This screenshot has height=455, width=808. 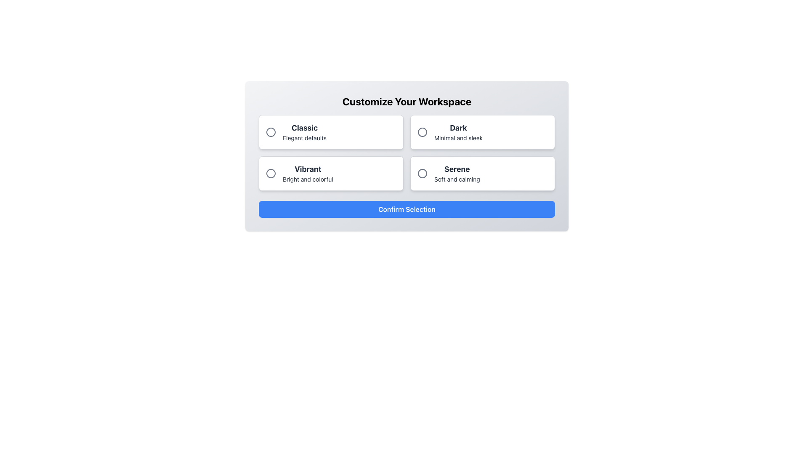 I want to click on the radio button for the 'Dark' workspace option, which is the circle on the left side of the 'Dark' workspace selection in the top-right position of the 2x2 grid of workspace options, so click(x=422, y=132).